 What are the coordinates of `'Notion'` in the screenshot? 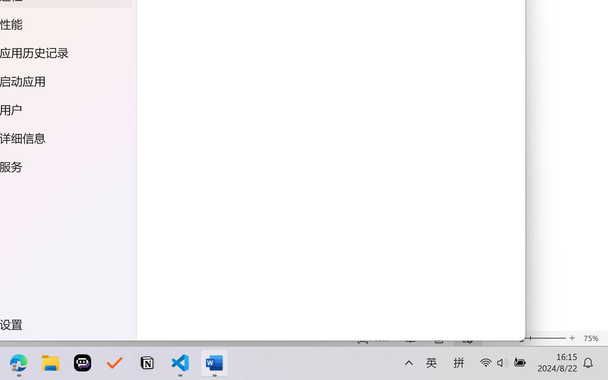 It's located at (142, 363).